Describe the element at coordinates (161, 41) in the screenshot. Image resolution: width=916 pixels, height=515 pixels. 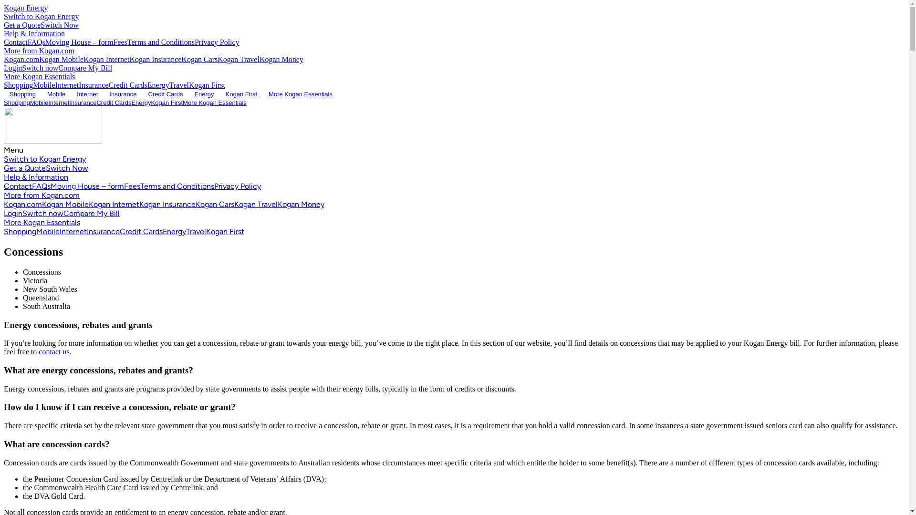
I see `'Terms and Conditions'` at that location.